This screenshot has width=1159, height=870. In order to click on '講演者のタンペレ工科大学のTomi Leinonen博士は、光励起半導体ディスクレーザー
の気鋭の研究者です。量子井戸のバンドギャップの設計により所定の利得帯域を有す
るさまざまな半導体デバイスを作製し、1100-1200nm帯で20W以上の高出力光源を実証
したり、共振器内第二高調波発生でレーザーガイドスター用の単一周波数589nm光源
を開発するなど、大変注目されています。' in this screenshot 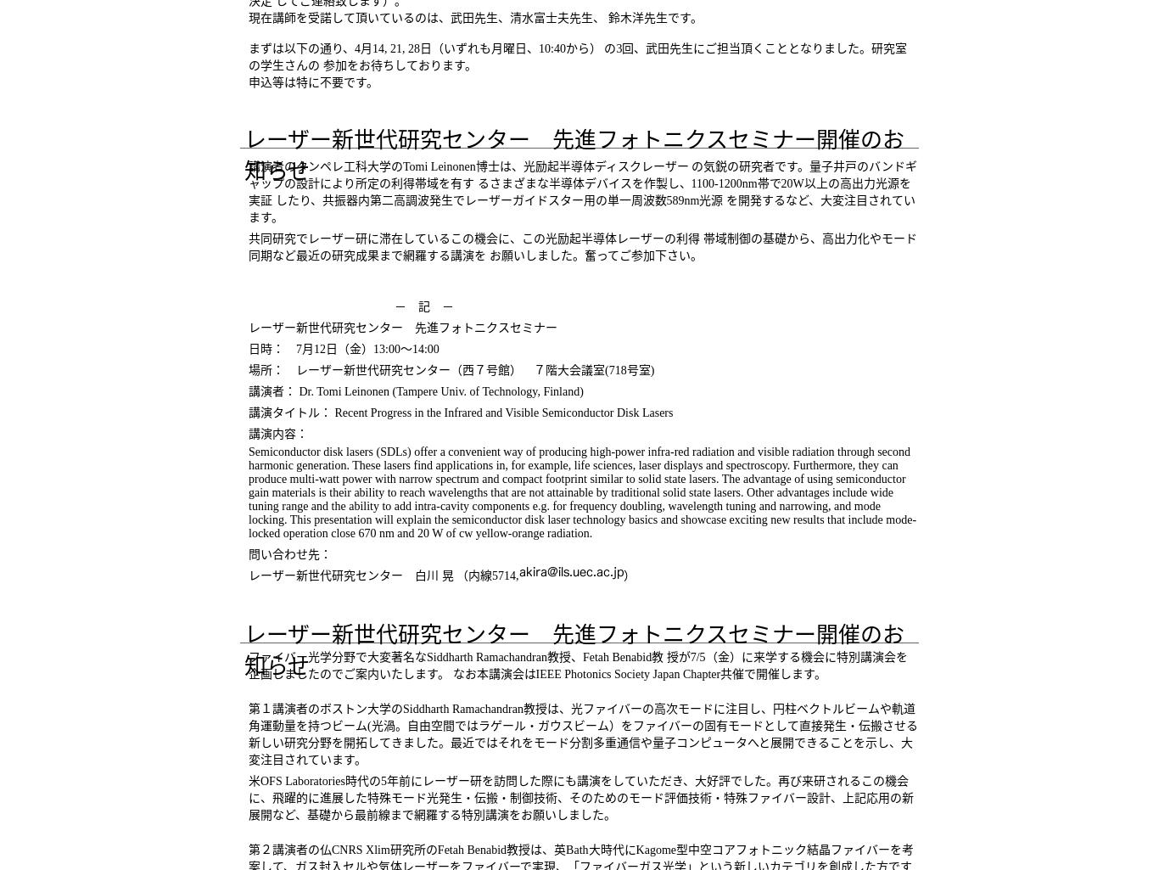, I will do `click(582, 192)`.